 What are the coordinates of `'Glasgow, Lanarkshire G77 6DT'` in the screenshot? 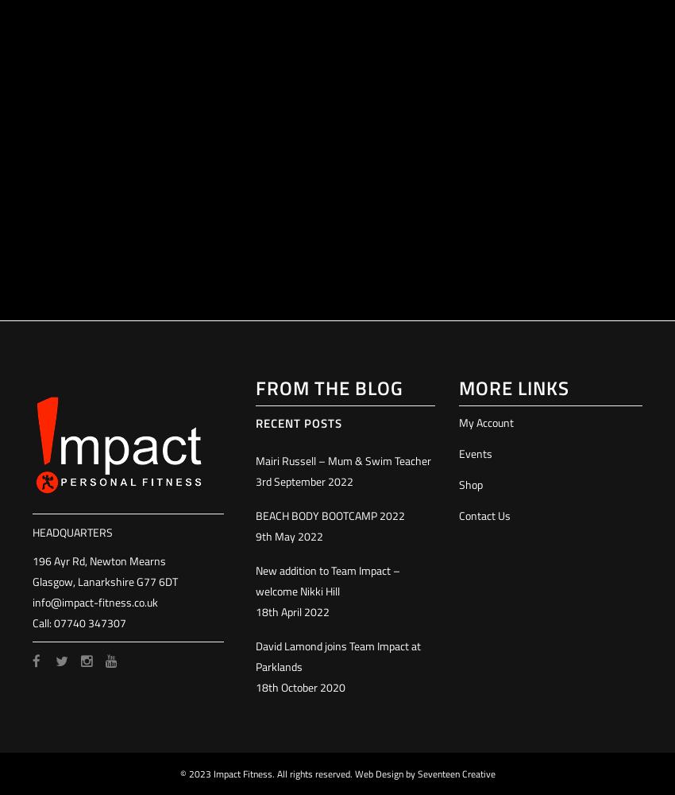 It's located at (105, 580).